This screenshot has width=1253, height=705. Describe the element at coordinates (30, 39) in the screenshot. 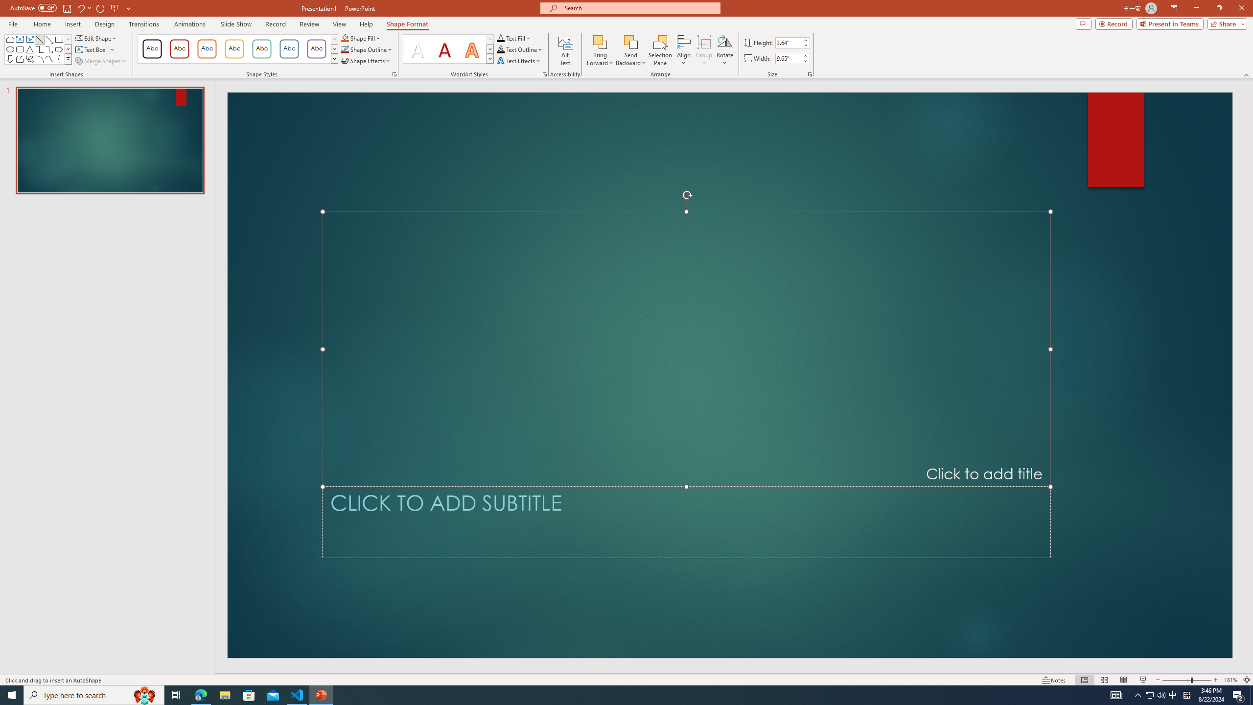

I see `'Vertical Text Box'` at that location.